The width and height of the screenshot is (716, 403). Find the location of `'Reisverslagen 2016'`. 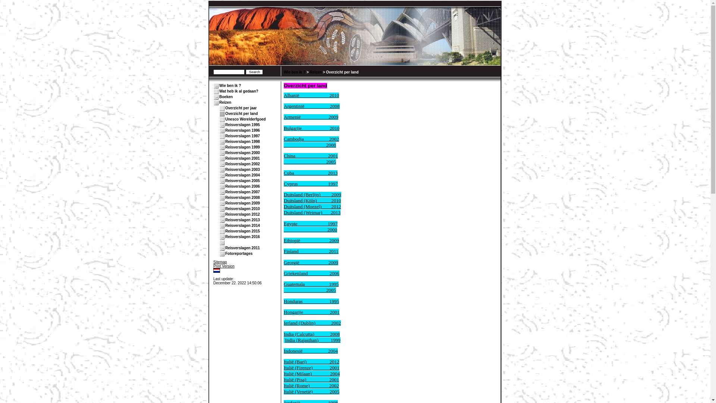

'Reisverslagen 2016' is located at coordinates (242, 237).